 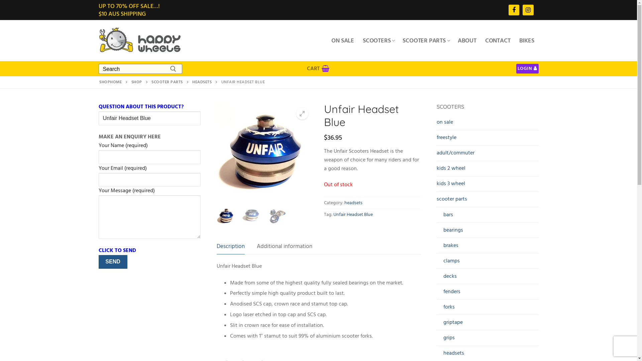 I want to click on 'BIKES', so click(x=526, y=40).